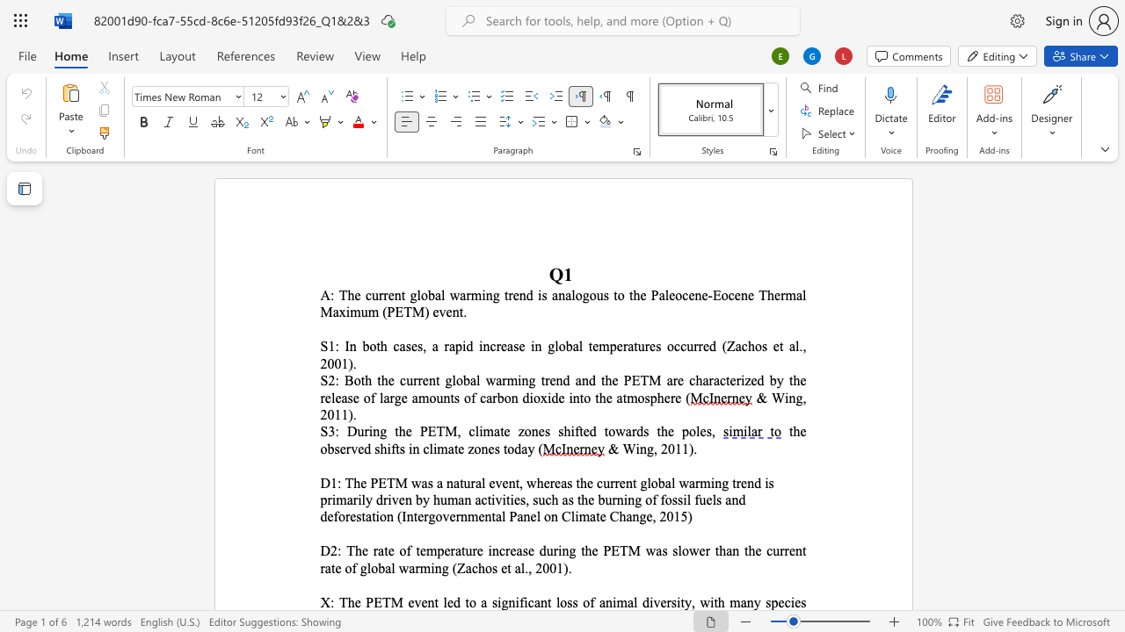  Describe the element at coordinates (402, 549) in the screenshot. I see `the 1th character "o" in the text` at that location.